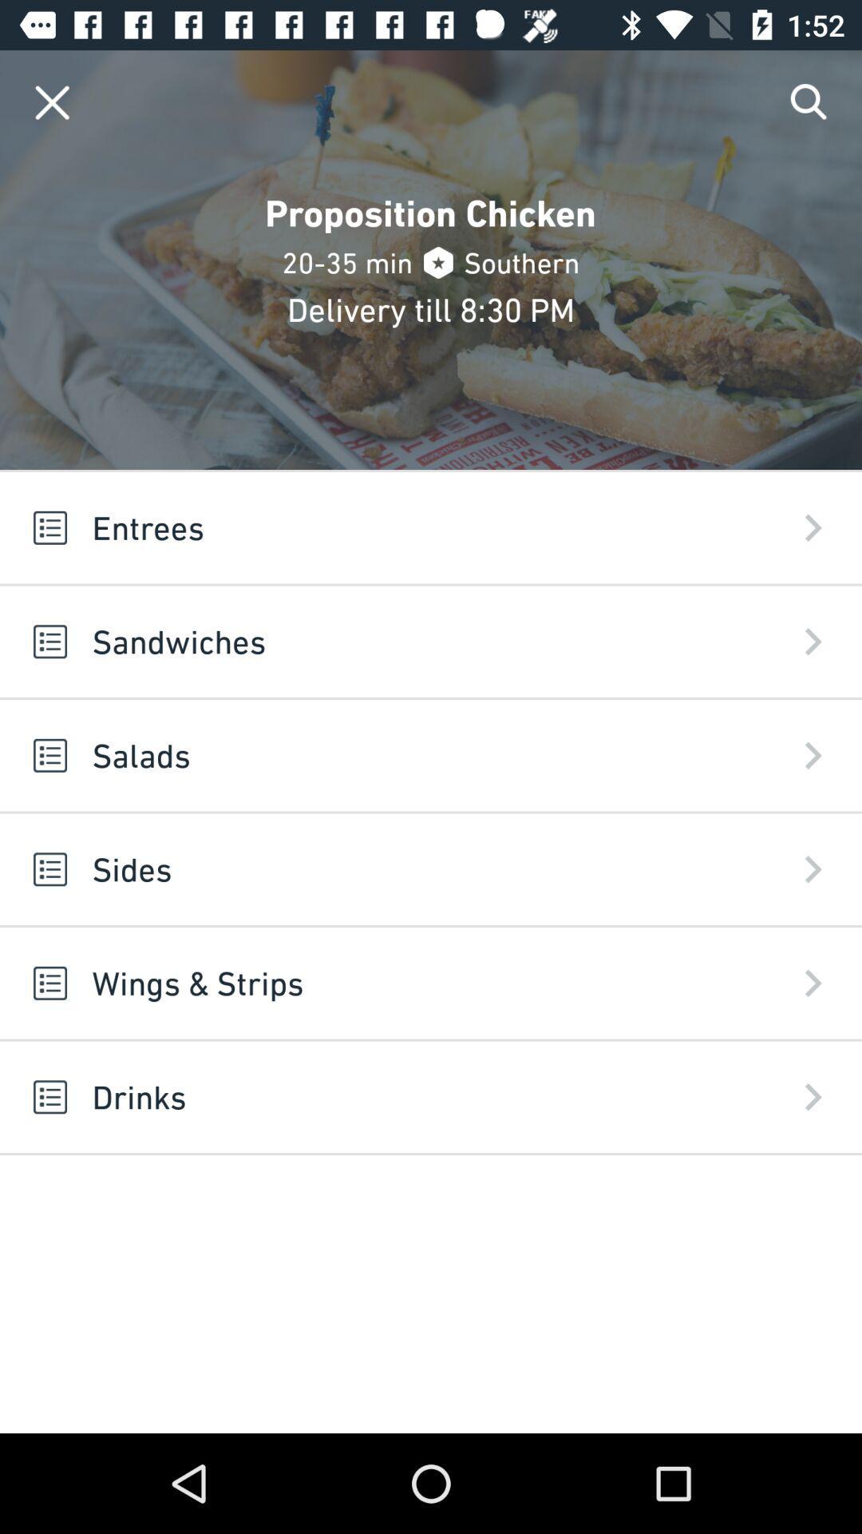  I want to click on exit, so click(51, 101).